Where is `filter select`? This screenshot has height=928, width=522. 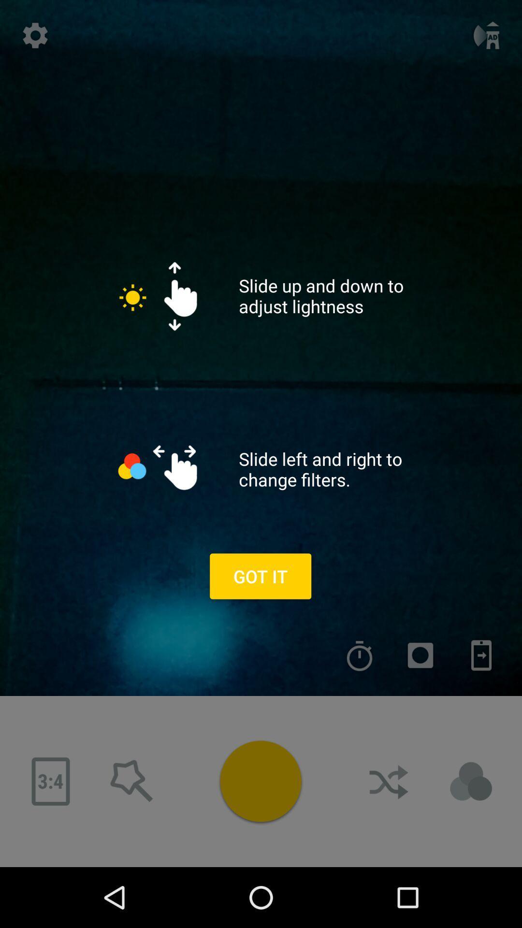 filter select is located at coordinates (420, 655).